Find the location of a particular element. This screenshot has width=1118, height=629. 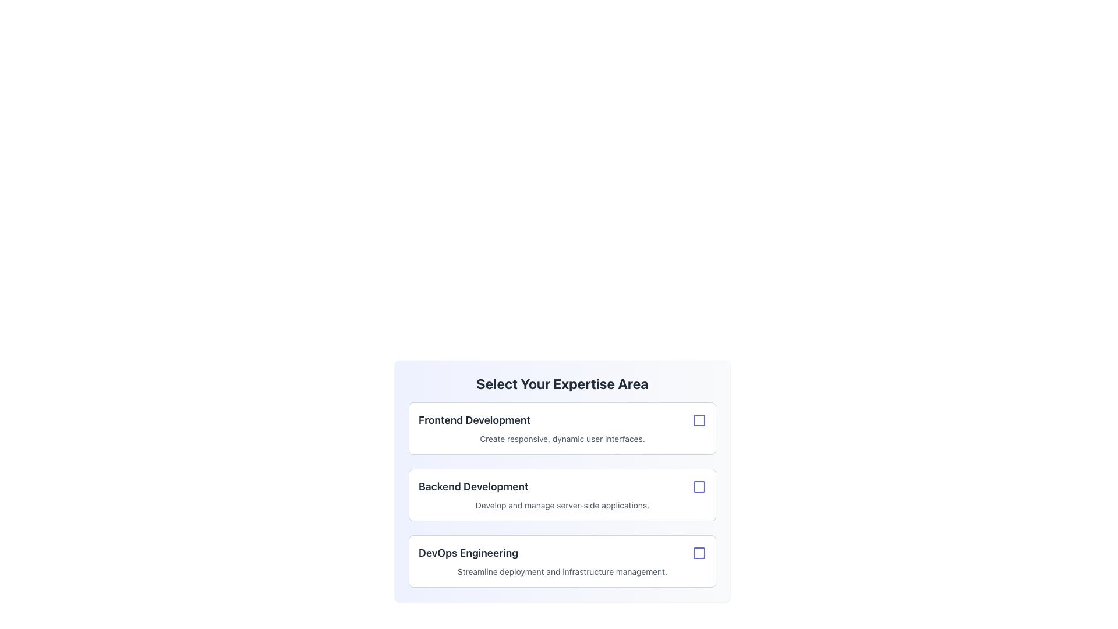

the indigo-bordered checkbox located to the right of the 'Frontend Development' section is located at coordinates (699, 420).